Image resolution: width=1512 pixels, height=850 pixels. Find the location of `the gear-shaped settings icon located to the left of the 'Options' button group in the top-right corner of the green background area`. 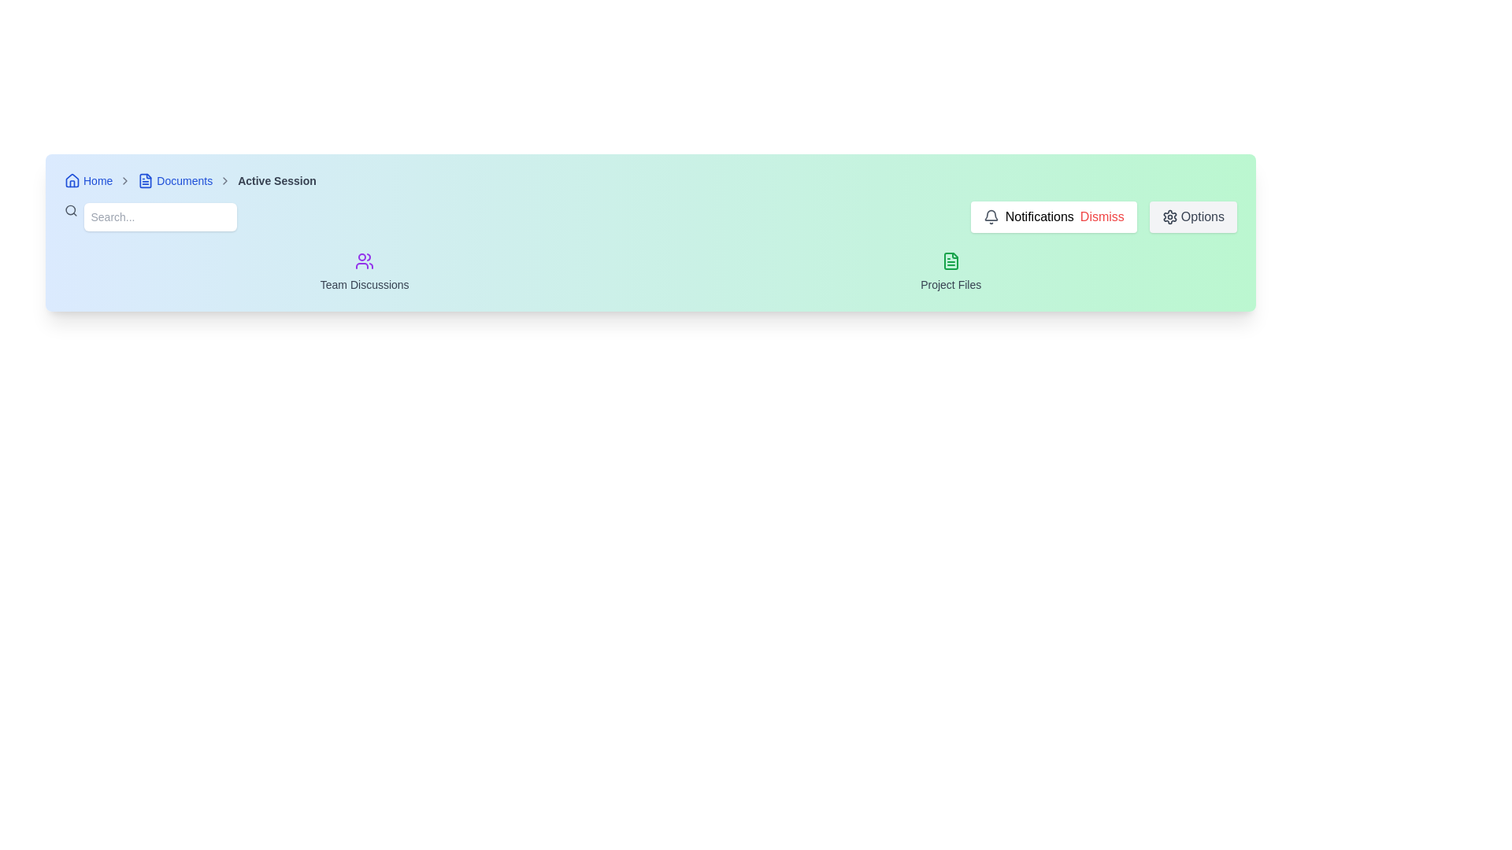

the gear-shaped settings icon located to the left of the 'Options' button group in the top-right corner of the green background area is located at coordinates (1169, 217).